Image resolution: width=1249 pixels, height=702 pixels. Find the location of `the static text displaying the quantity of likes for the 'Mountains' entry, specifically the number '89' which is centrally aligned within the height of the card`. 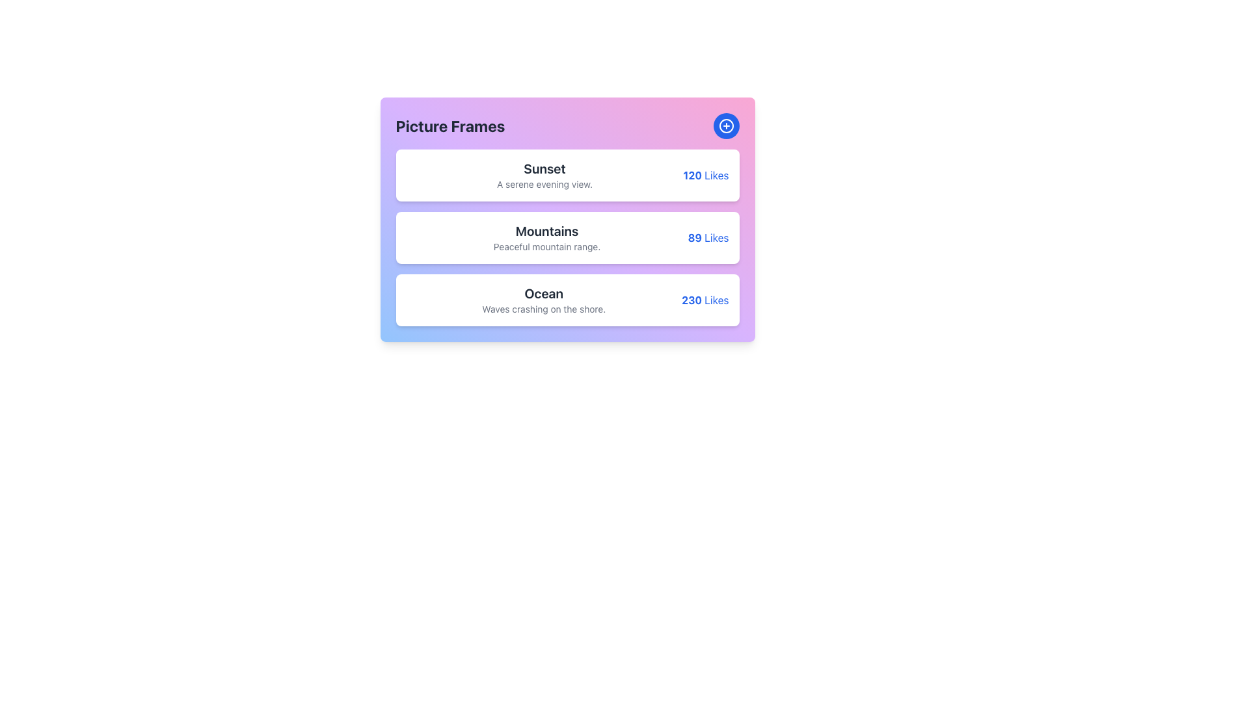

the static text displaying the quantity of likes for the 'Mountains' entry, specifically the number '89' which is centrally aligned within the height of the card is located at coordinates (694, 238).